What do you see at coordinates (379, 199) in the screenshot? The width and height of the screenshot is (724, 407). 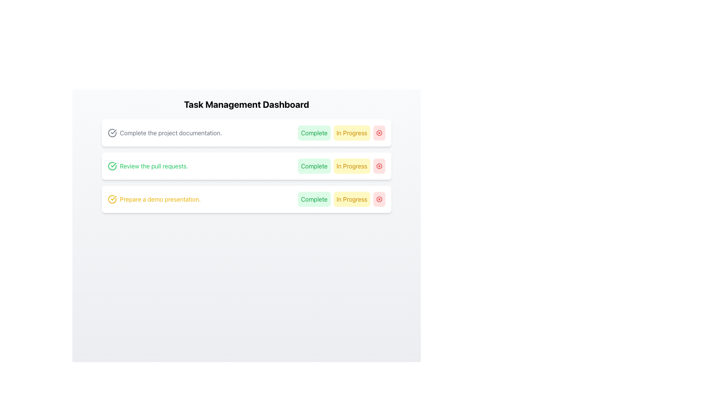 I see `the circular cancel button with a red border and 'X' symbol` at bounding box center [379, 199].